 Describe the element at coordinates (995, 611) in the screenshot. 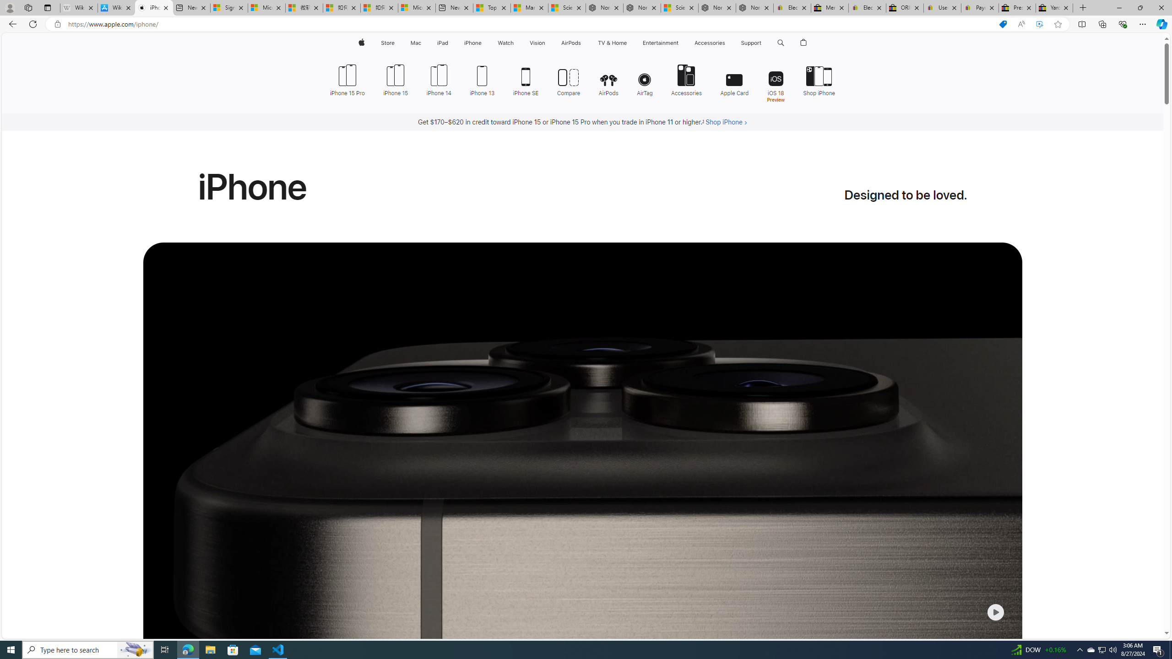

I see `'Class: control-centered-small-icon'` at that location.